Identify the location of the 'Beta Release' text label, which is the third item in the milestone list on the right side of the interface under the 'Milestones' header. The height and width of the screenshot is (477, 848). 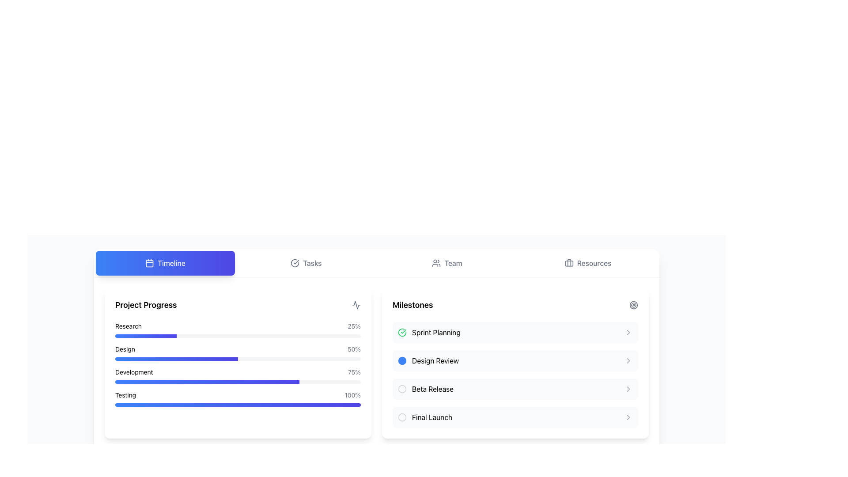
(432, 388).